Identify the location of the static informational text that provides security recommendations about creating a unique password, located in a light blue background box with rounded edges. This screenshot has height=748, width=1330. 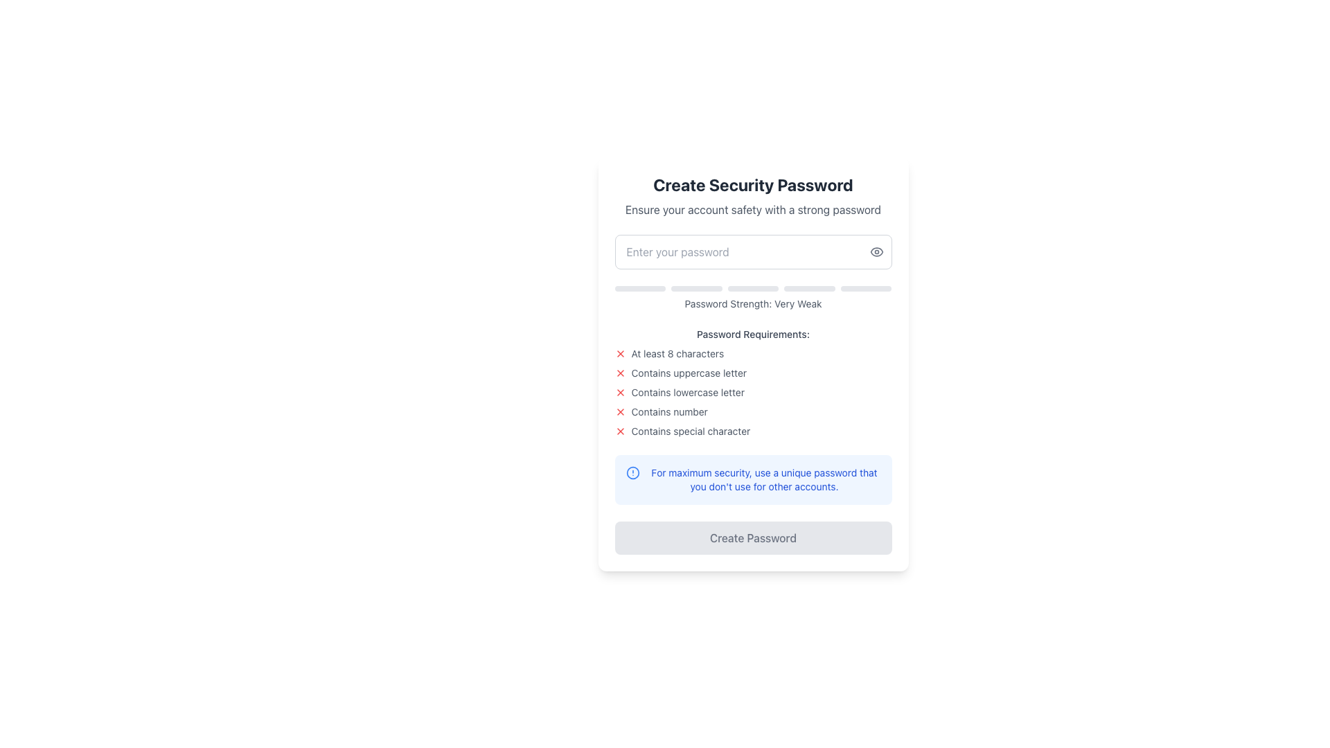
(763, 479).